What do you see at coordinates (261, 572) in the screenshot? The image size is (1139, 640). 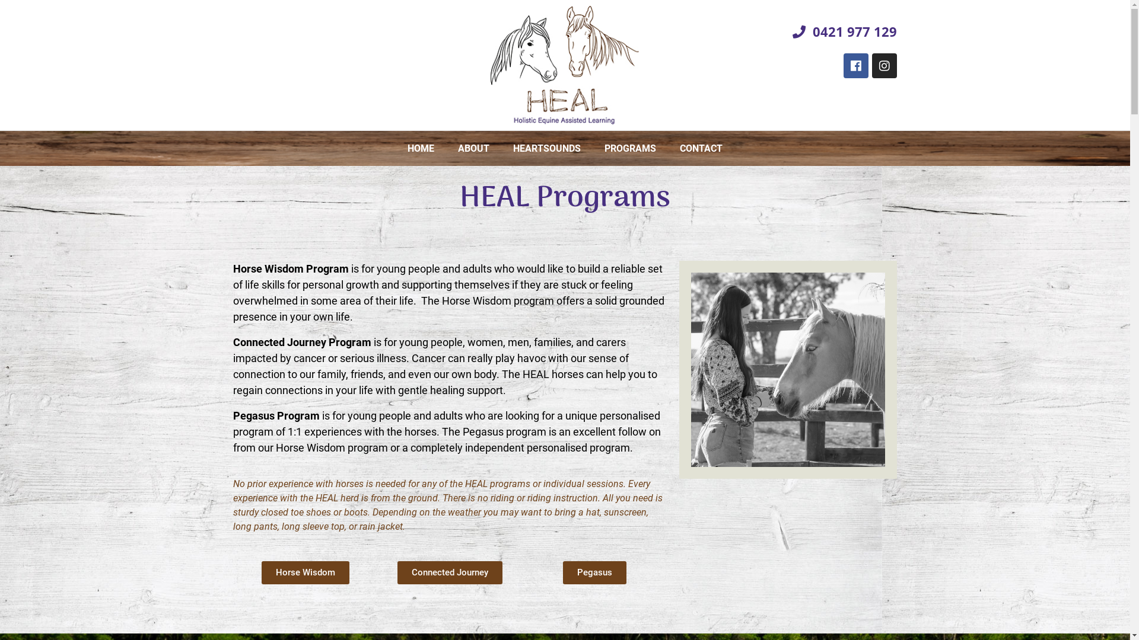 I see `'Horse Wisdom'` at bounding box center [261, 572].